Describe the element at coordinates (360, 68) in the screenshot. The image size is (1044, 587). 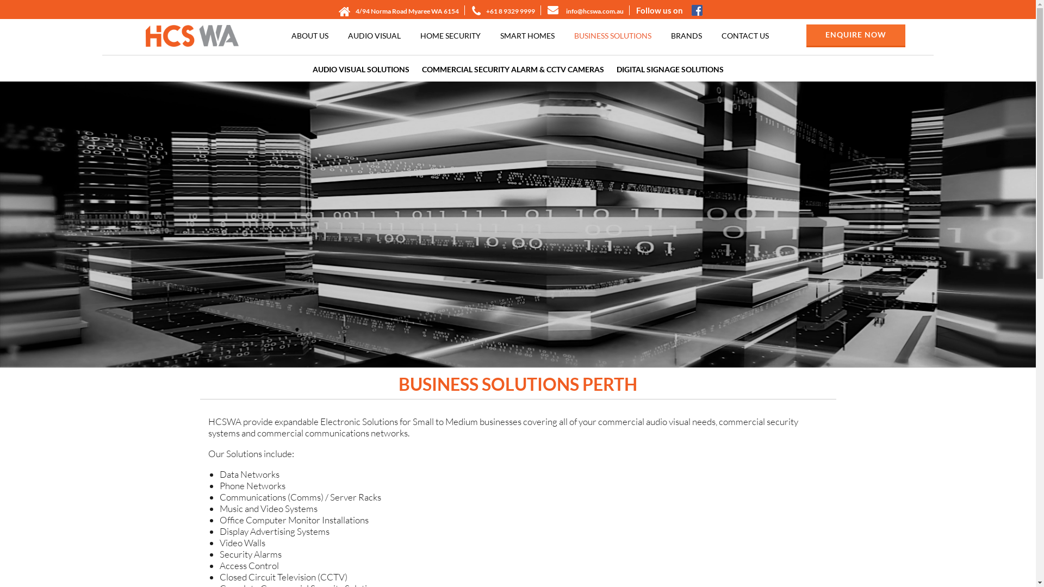
I see `'AUDIO VISUAL SOLUTIONS'` at that location.